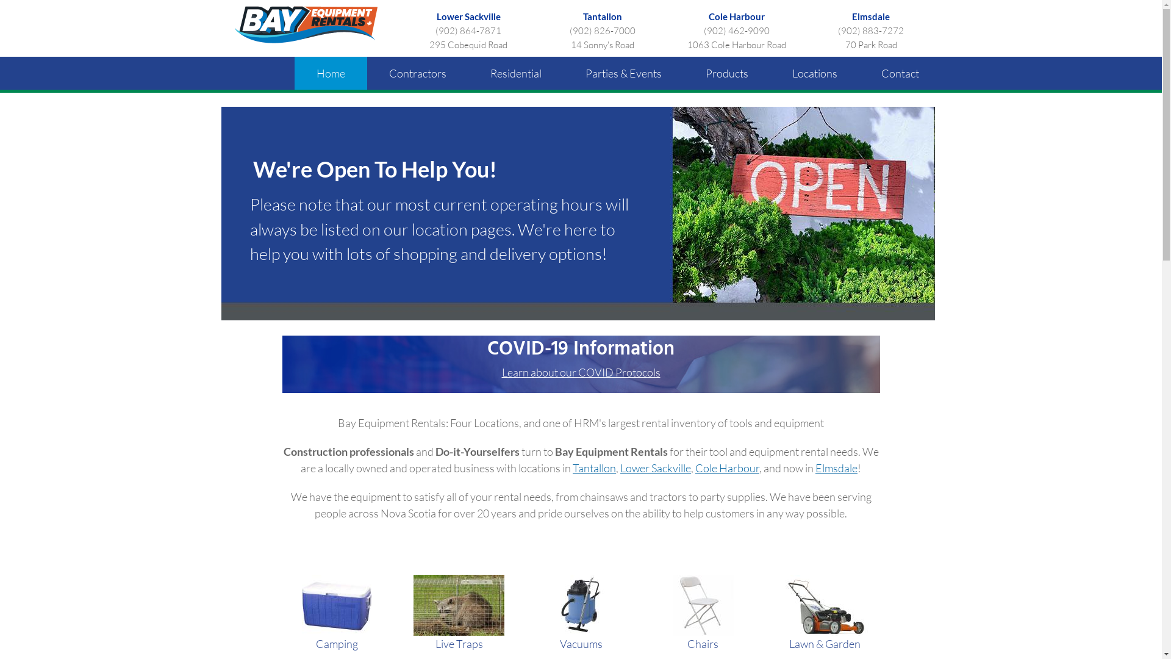 This screenshot has height=659, width=1171. I want to click on 'Lower Sackville', so click(436, 16).